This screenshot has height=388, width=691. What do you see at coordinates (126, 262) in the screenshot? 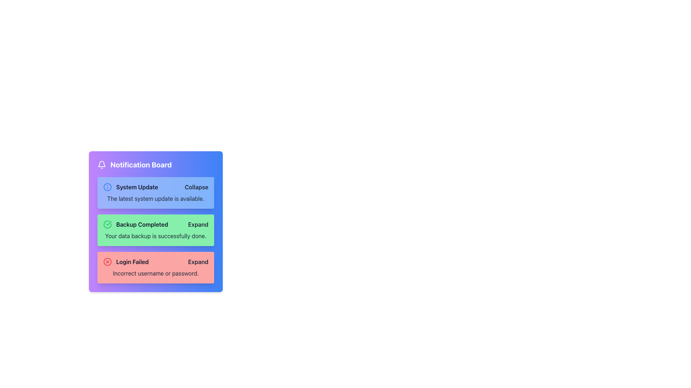
I see `the error message text label indicating a failed login attempt, located within the third notification entry on the notification board, positioned to the left of the 'Expand' button and to the right of the error icon` at bounding box center [126, 262].